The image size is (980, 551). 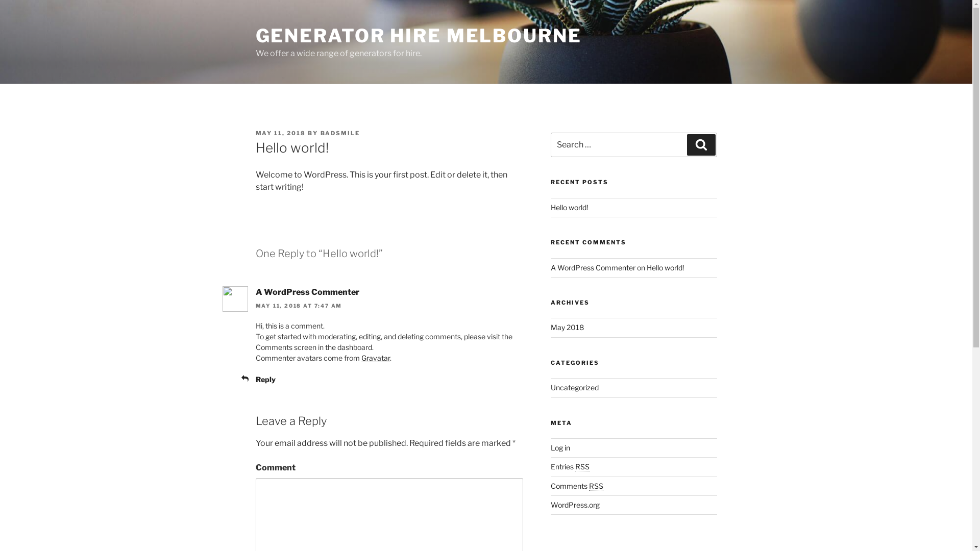 What do you see at coordinates (306, 292) in the screenshot?
I see `'A WordPress Commenter'` at bounding box center [306, 292].